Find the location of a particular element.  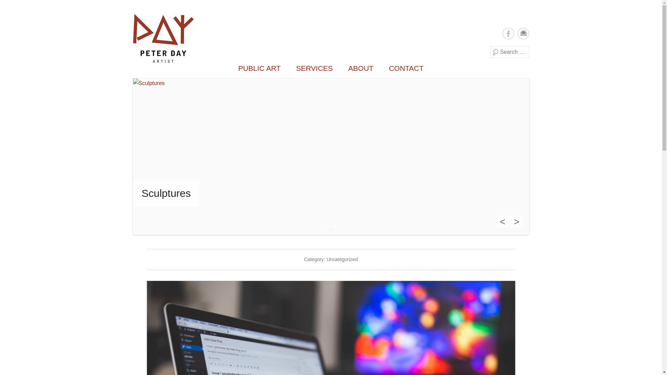

'CONTACT' is located at coordinates (381, 68).